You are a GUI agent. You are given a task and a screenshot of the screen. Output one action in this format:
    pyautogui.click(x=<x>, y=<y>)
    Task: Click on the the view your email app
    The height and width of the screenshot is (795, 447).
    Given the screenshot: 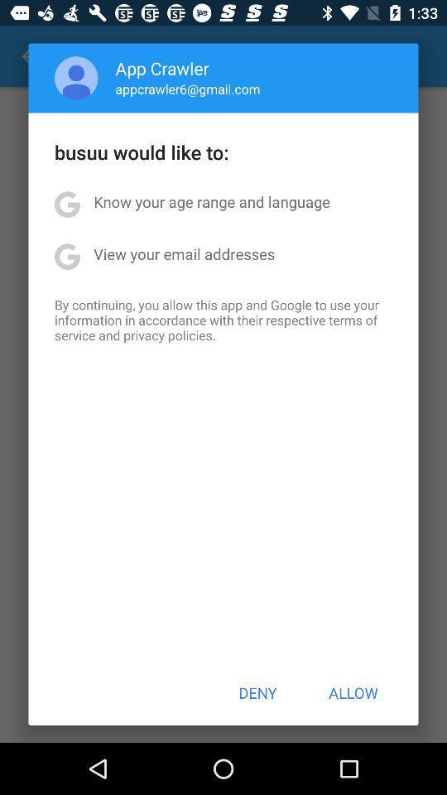 What is the action you would take?
    pyautogui.click(x=183, y=253)
    